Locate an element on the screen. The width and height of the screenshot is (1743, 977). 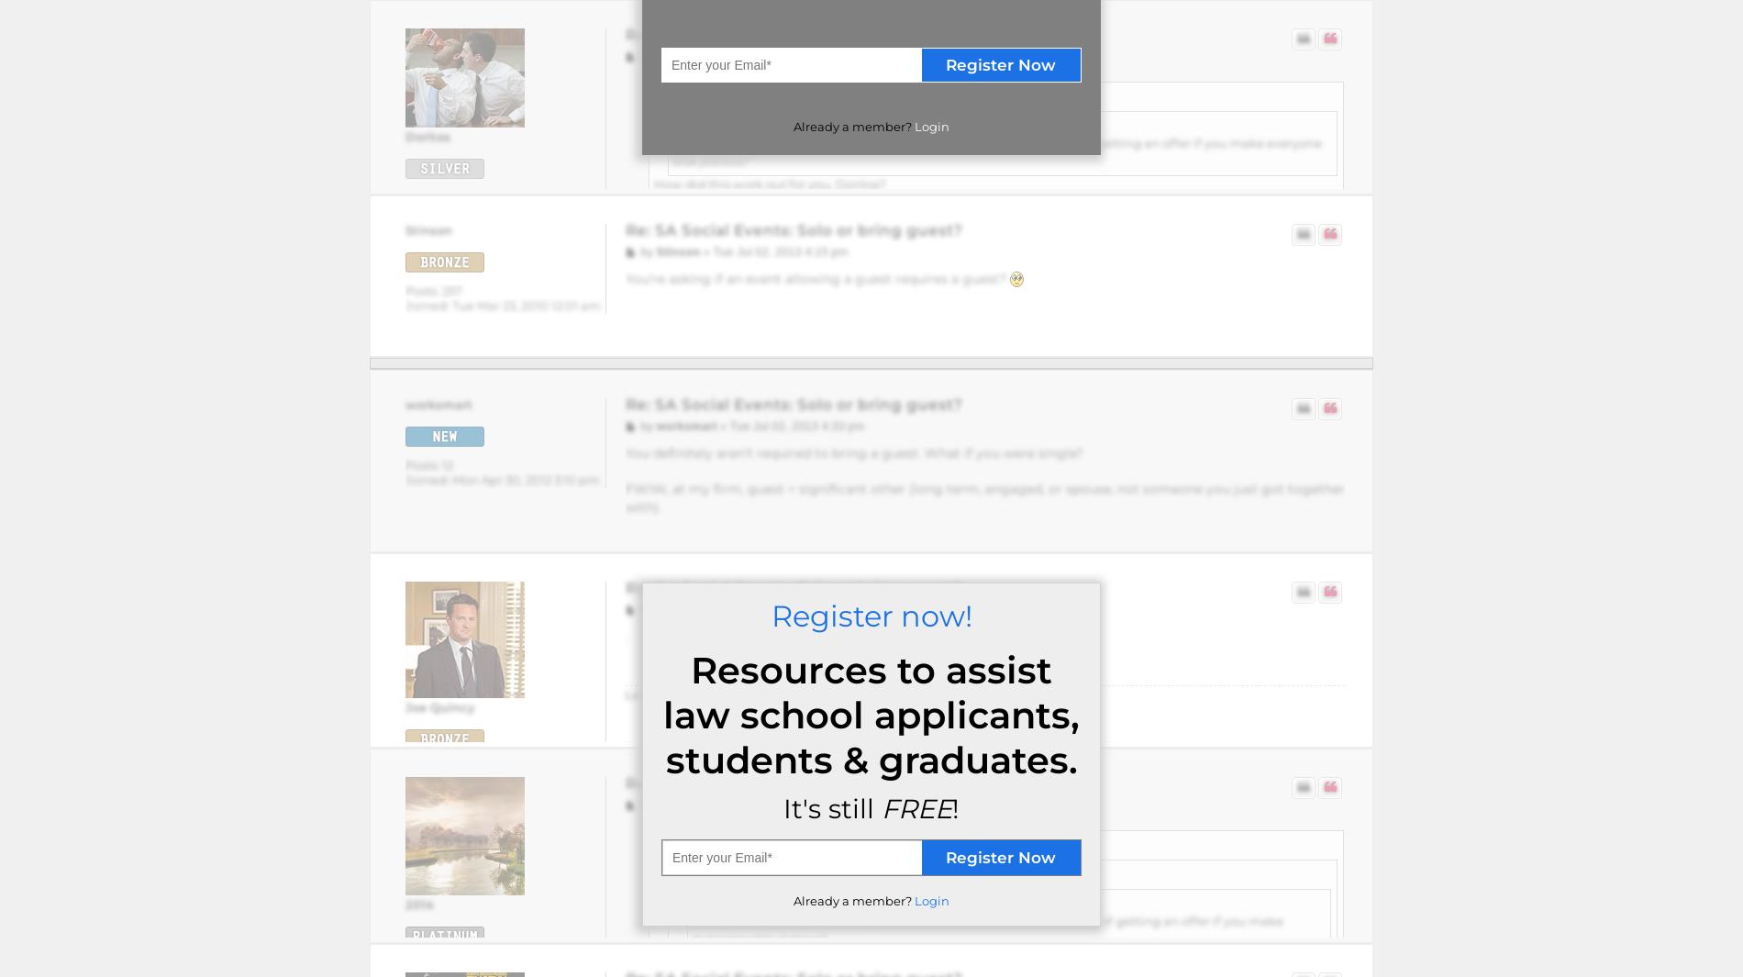
'on Tue Jul 02, 2013 4:47 pm, edited 1 time in total.' is located at coordinates (897, 694).